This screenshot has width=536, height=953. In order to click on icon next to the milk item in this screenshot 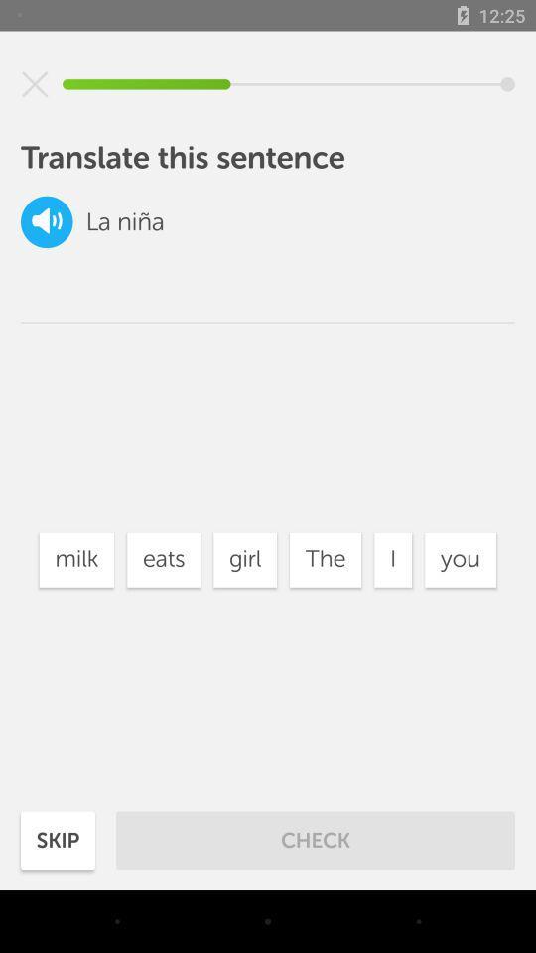, I will do `click(163, 560)`.